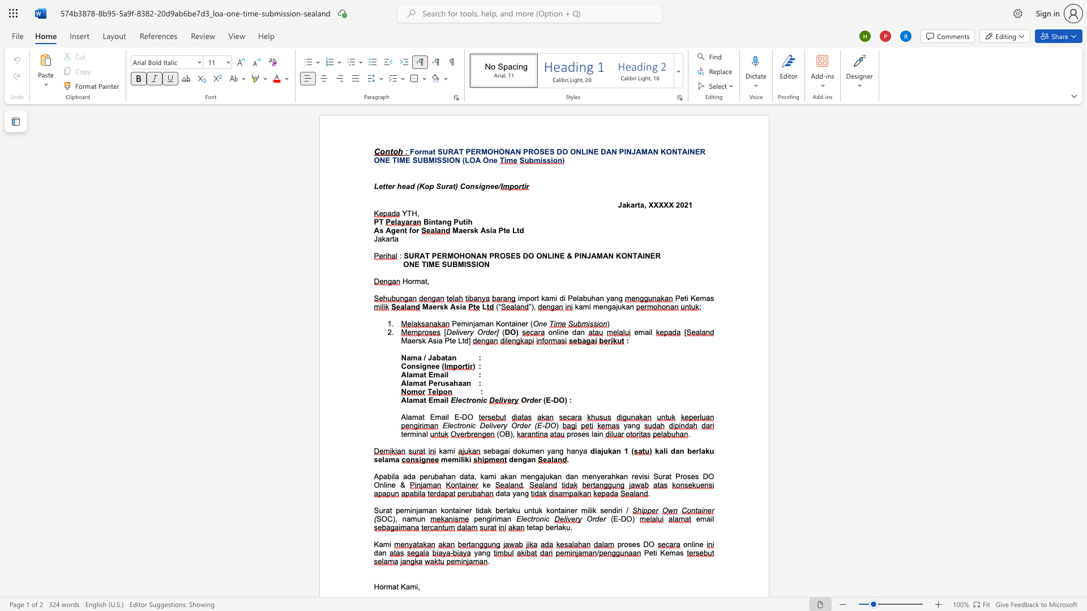 The width and height of the screenshot is (1087, 611). What do you see at coordinates (533, 298) in the screenshot?
I see `the subset text "rt k" within the text "import kami di Pelabuhan yang"` at bounding box center [533, 298].